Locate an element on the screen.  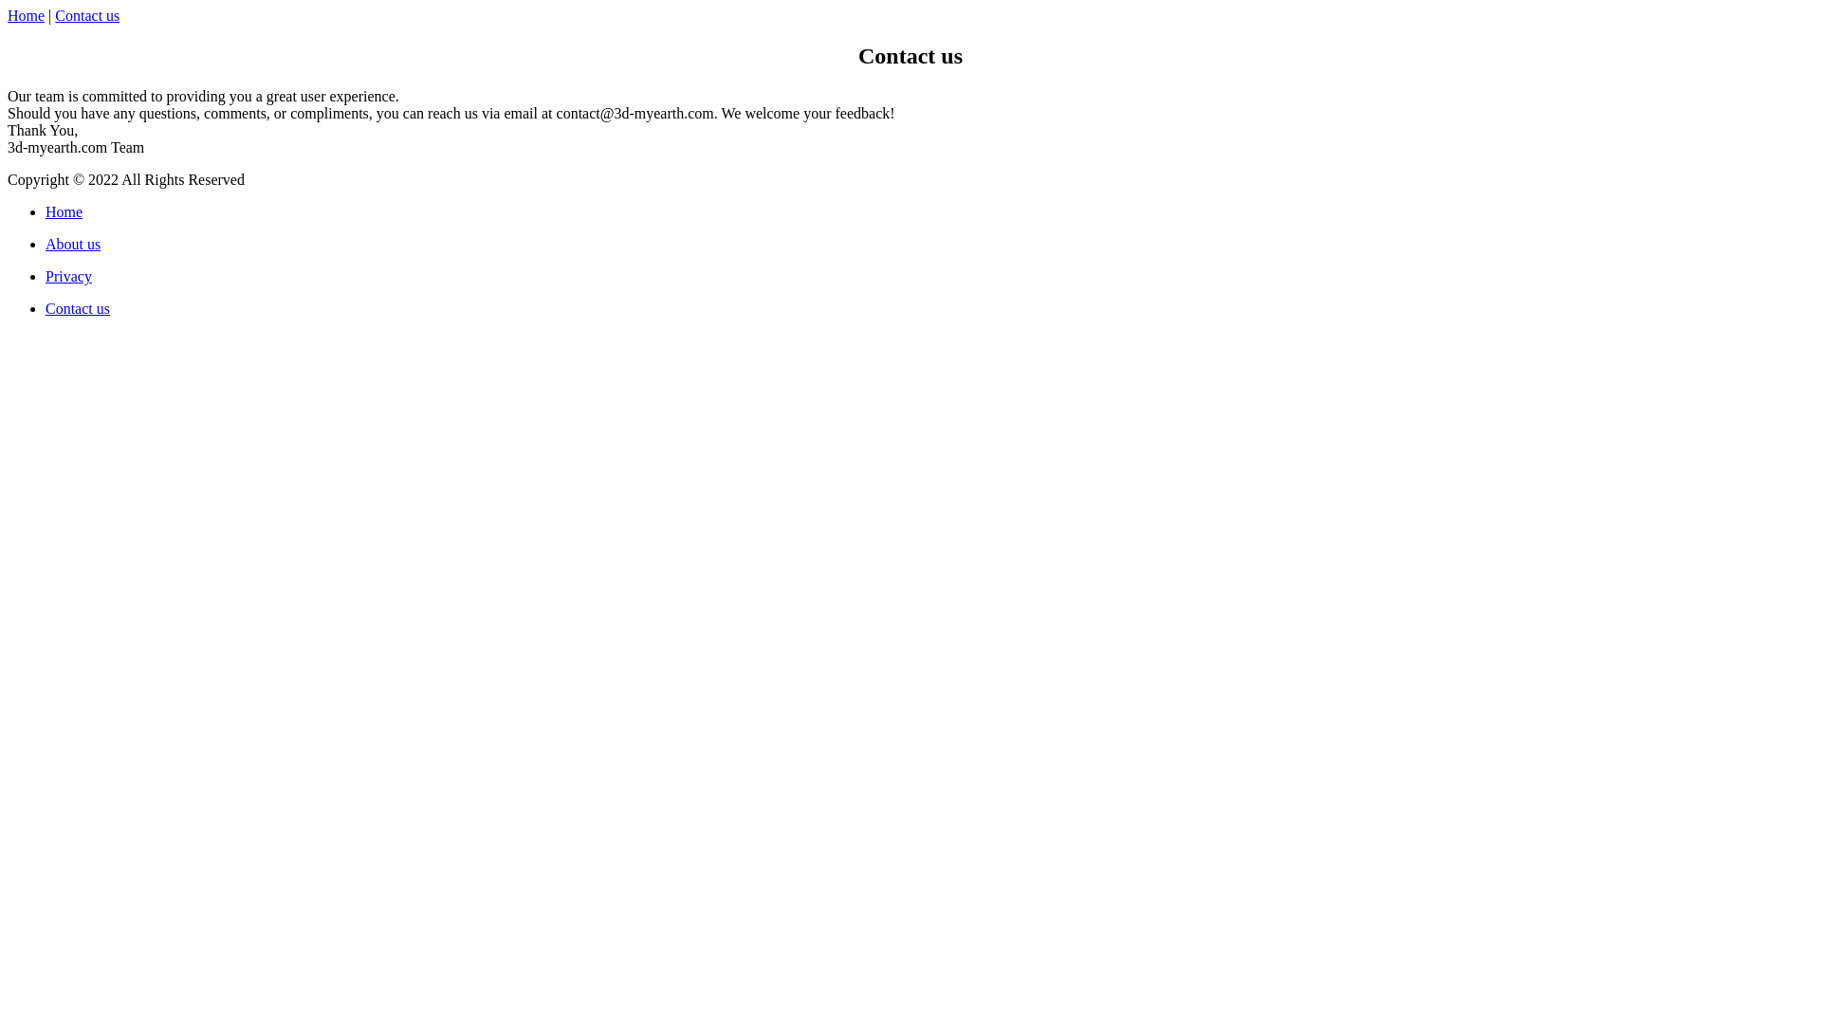
'Contact us' is located at coordinates (76, 307).